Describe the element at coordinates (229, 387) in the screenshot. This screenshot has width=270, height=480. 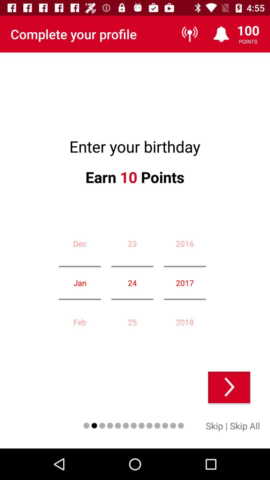
I see `shows the next option` at that location.